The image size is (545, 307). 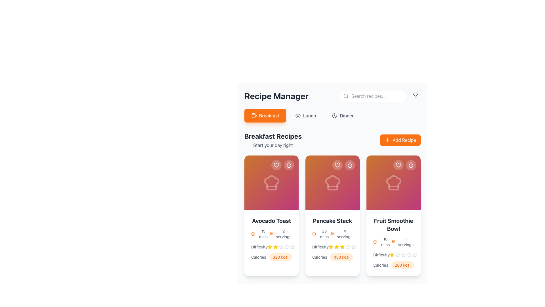 What do you see at coordinates (393, 243) in the screenshot?
I see `the individual details such as difficulty stars or servings on the Informational display card for the Fruit Smoothie Bowl recipe, which is located on the rightmost of the three recipe cards in the Breakfast Recipes section` at bounding box center [393, 243].